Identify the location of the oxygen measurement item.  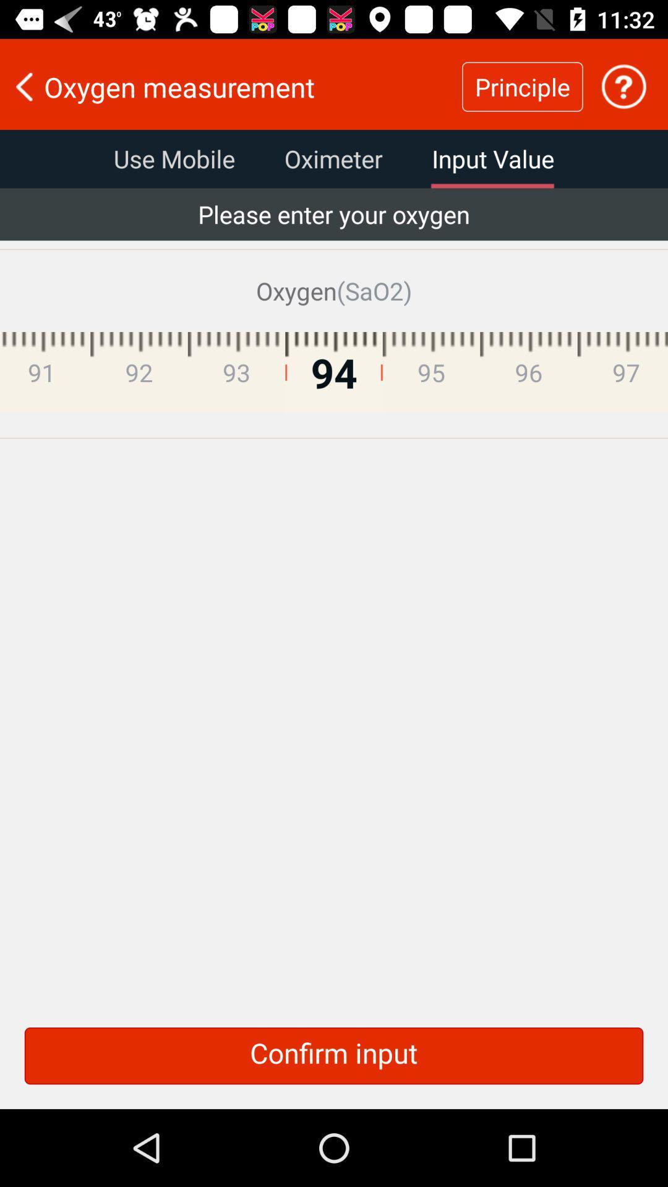
(231, 86).